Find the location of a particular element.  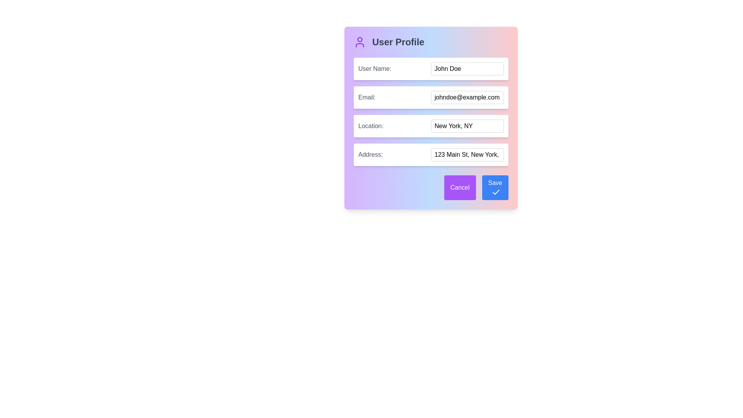

text label displaying 'location:' which is positioned on the left side of the form field within the user profile editing panel is located at coordinates (370, 126).